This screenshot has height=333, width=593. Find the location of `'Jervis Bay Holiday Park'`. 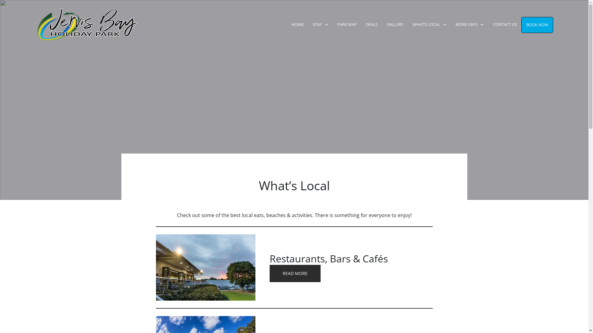

'Jervis Bay Holiday Park' is located at coordinates (75, 24).